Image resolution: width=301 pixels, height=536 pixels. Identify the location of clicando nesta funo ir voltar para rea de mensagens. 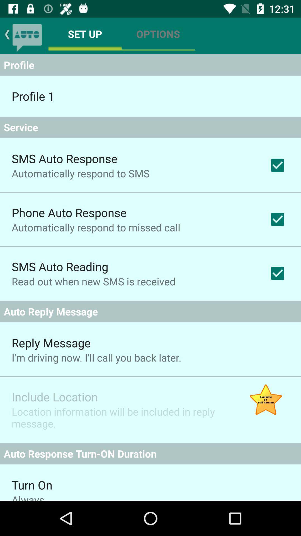
(27, 35).